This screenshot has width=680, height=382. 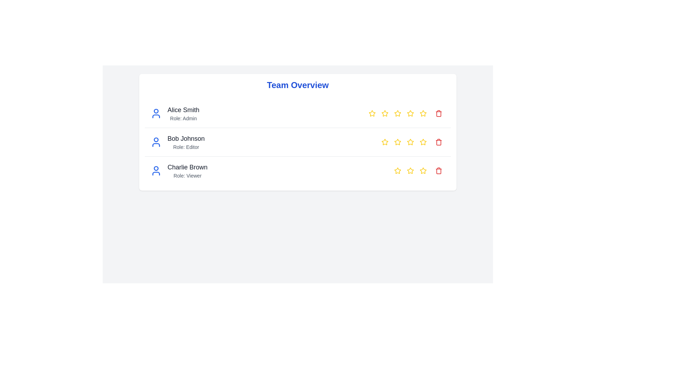 I want to click on the fourth star icon from left to right in the rating row associated with Charlie Brown to rate it, so click(x=423, y=170).